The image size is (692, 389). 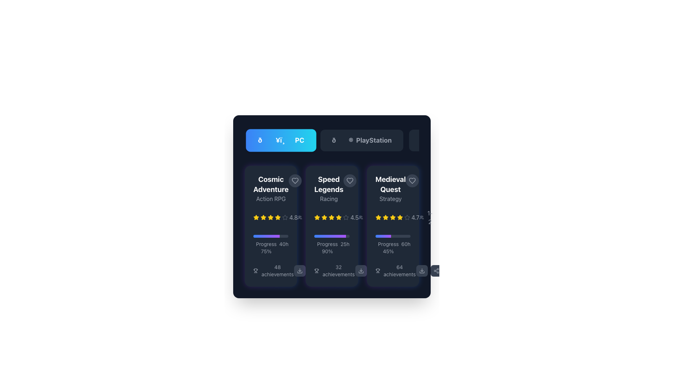 What do you see at coordinates (270, 184) in the screenshot?
I see `the bold white title text label that displays the name of the game featured in the application interface, located in the top-left corner of the grid` at bounding box center [270, 184].